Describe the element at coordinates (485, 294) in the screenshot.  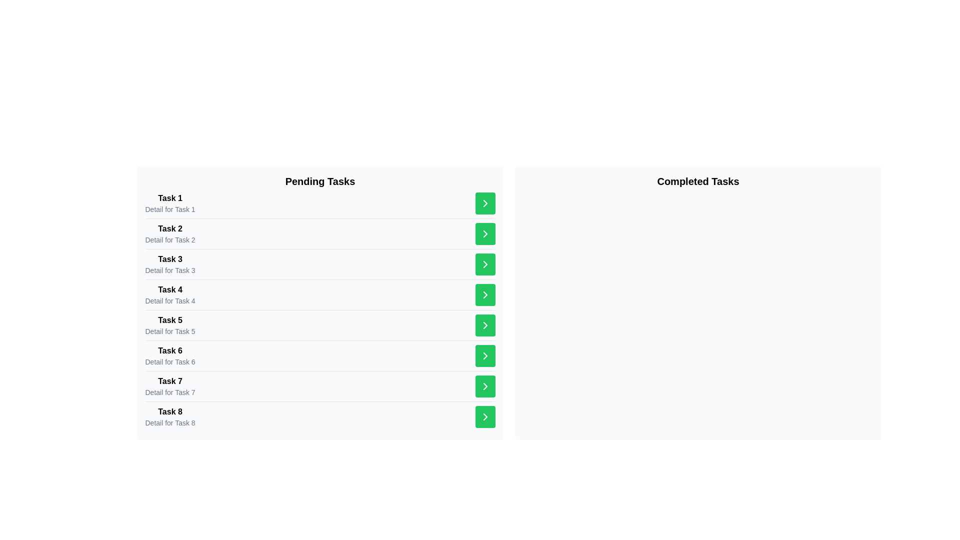
I see `the green rounded rectangular button with a white rightward-facing chevron icon located in the right section of the row labeled 'Task 4' in the 'Pending Tasks' list` at that location.